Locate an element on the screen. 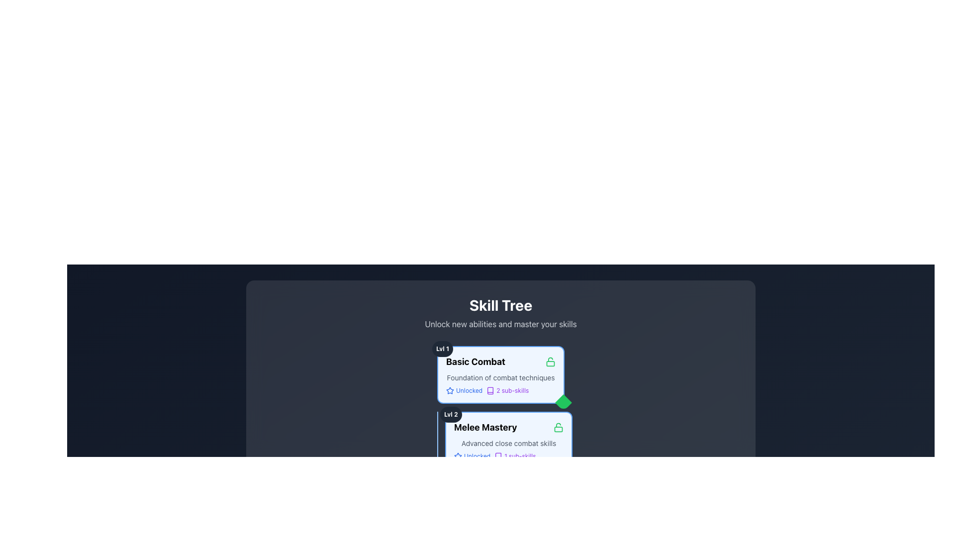 The image size is (955, 537). skill details from the 'Melee Mastery' card component, which is the second node in the skill tree and indicates 'Lvl 2' is located at coordinates (508, 444).